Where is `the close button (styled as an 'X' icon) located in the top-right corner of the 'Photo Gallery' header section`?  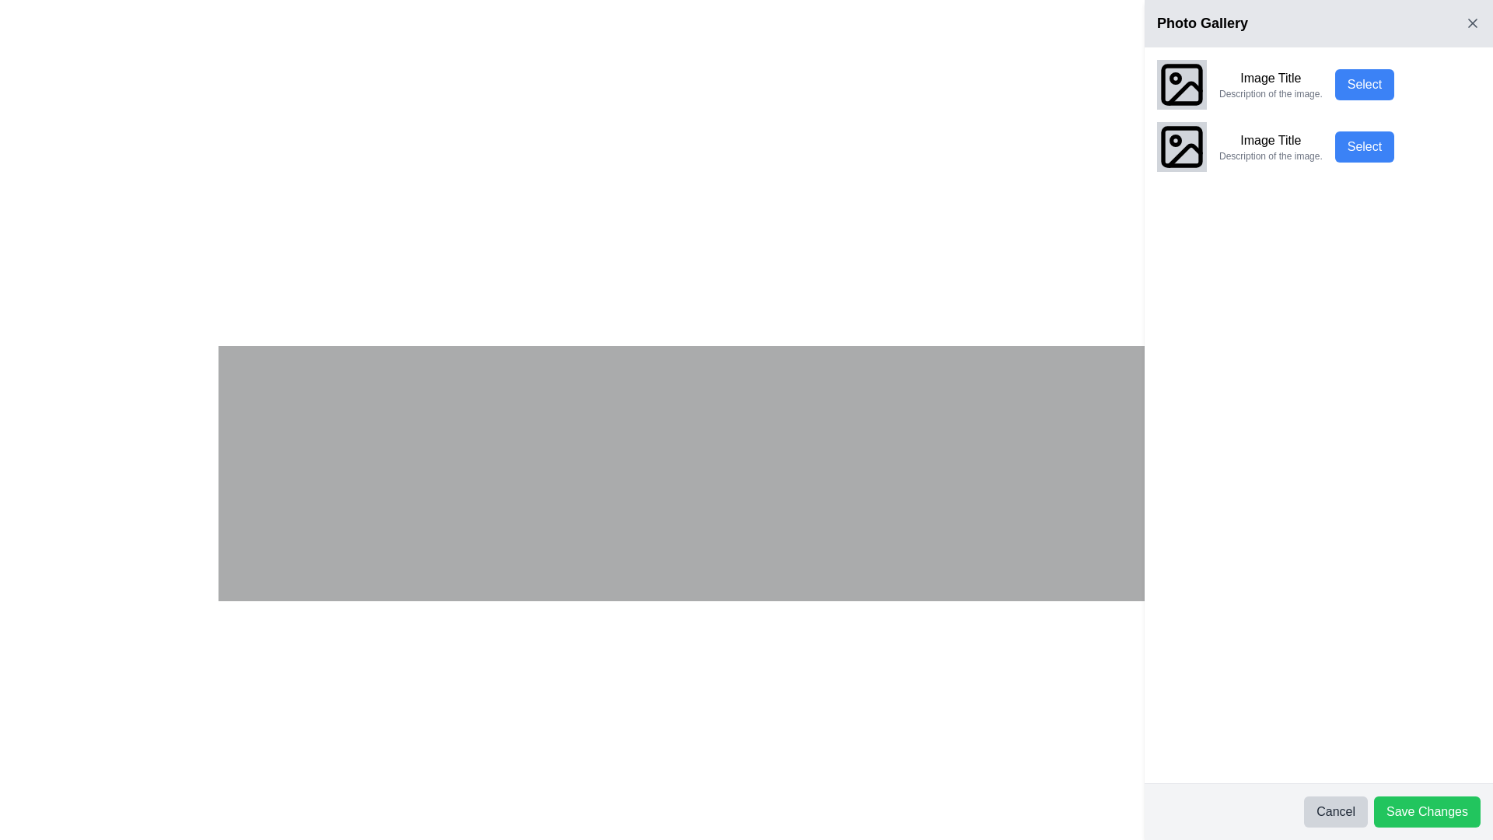 the close button (styled as an 'X' icon) located in the top-right corner of the 'Photo Gallery' header section is located at coordinates (1472, 23).